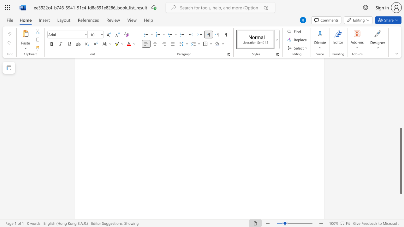 The image size is (404, 227). I want to click on the scrollbar to scroll the page up, so click(401, 98).